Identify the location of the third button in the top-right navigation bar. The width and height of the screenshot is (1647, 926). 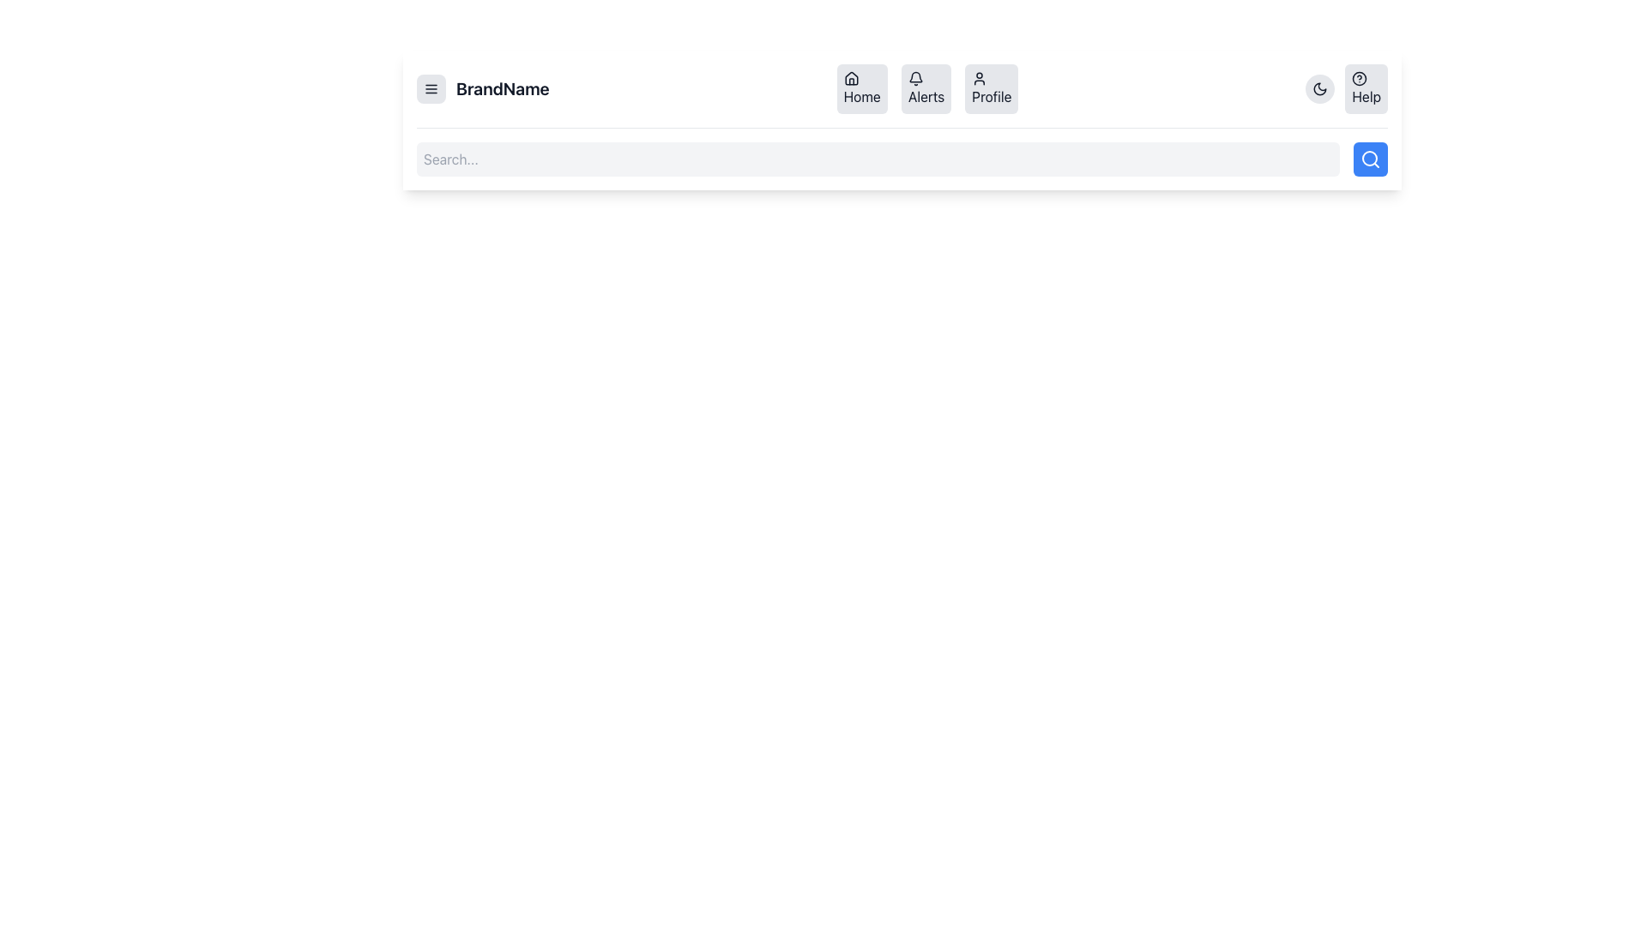
(992, 89).